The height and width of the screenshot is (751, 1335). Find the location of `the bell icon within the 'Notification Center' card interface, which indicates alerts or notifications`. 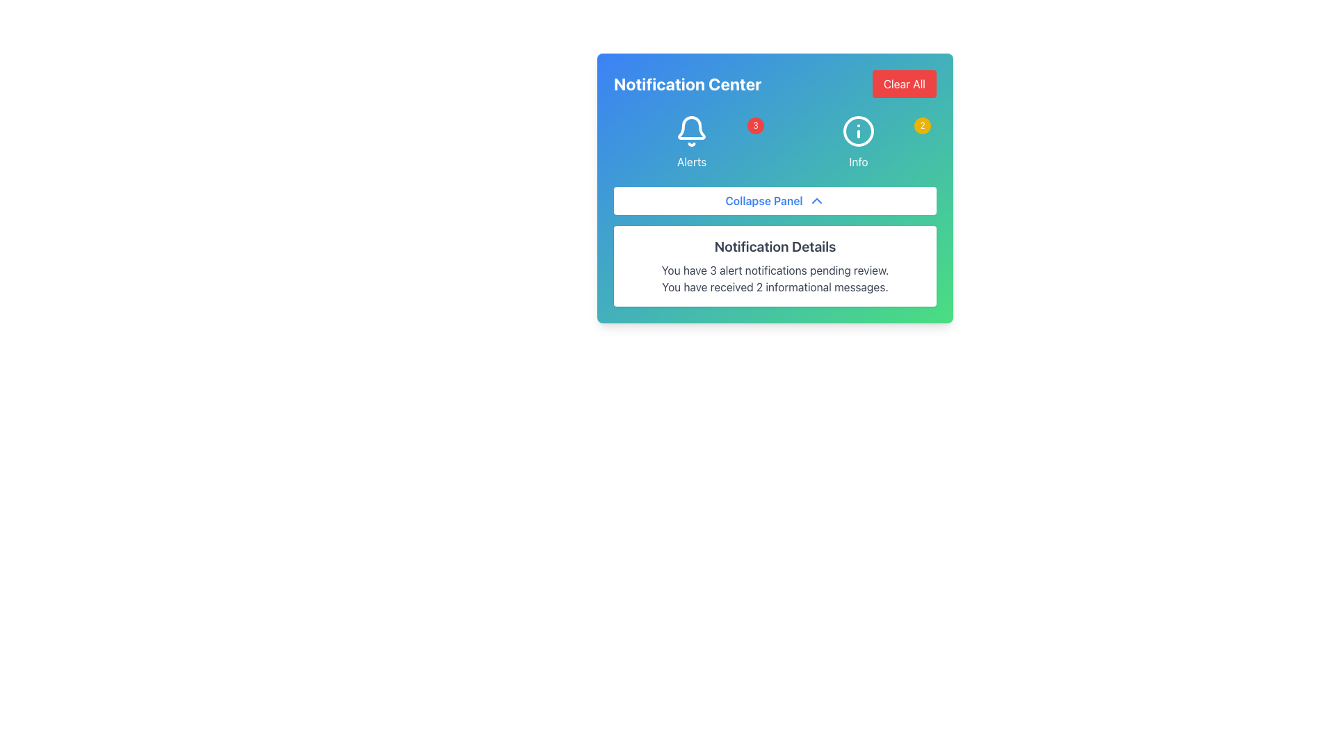

the bell icon within the 'Notification Center' card interface, which indicates alerts or notifications is located at coordinates (691, 128).